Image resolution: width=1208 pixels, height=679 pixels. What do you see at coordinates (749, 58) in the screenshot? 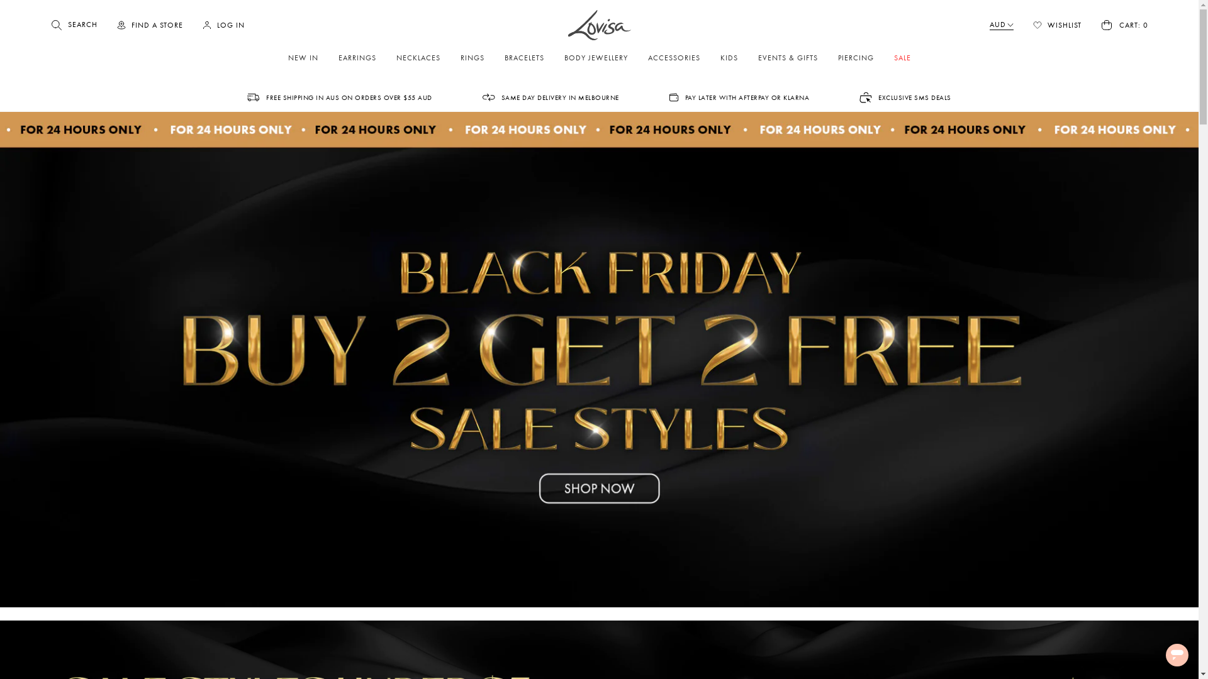
I see `'EVENTS & GIFTS'` at bounding box center [749, 58].